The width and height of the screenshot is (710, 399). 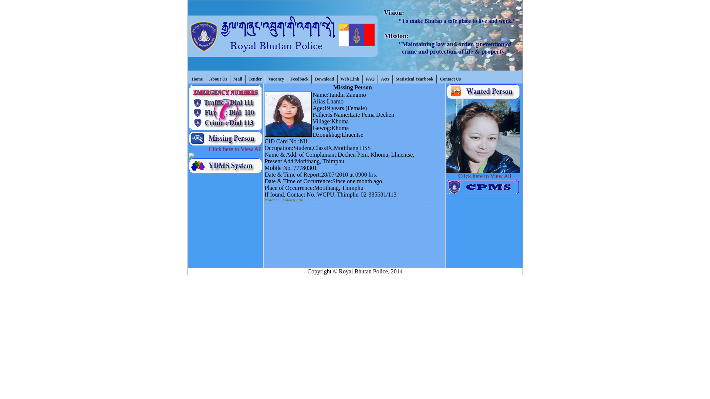 I want to click on 'Feedback', so click(x=300, y=79).